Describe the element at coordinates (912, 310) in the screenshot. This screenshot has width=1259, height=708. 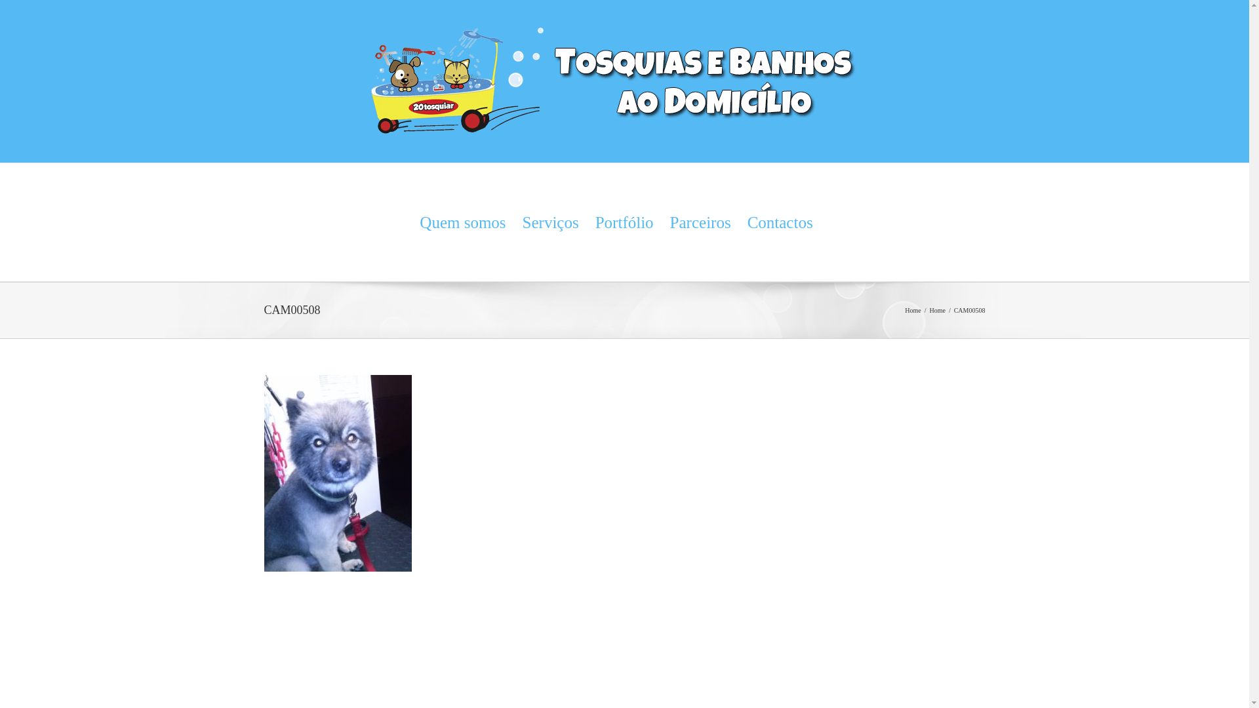
I see `'Home'` at that location.